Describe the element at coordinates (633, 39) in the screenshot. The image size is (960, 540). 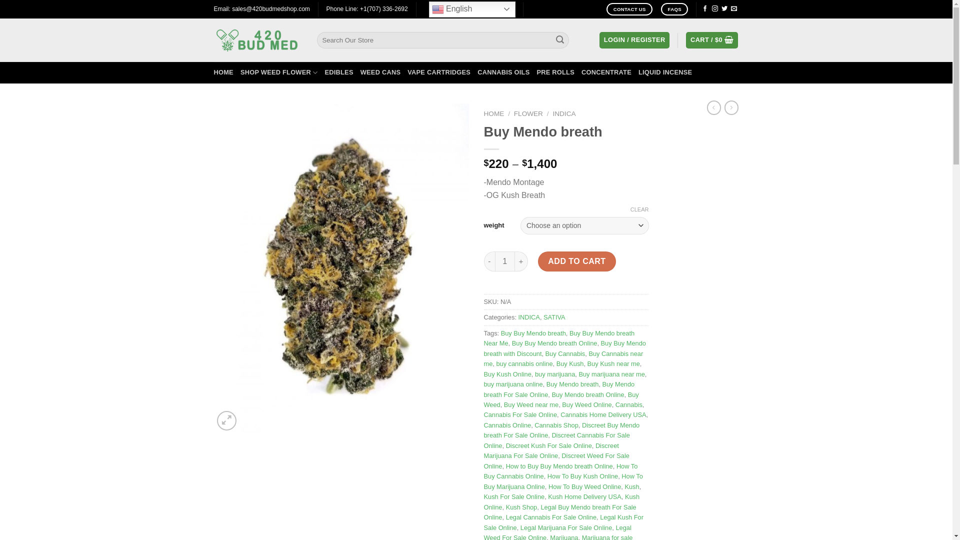
I see `'LOGIN / REGISTER'` at that location.